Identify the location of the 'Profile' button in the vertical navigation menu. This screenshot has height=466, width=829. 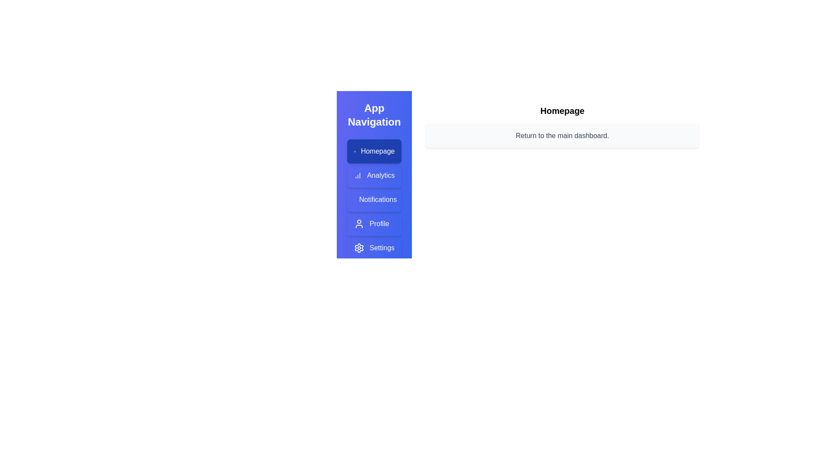
(374, 224).